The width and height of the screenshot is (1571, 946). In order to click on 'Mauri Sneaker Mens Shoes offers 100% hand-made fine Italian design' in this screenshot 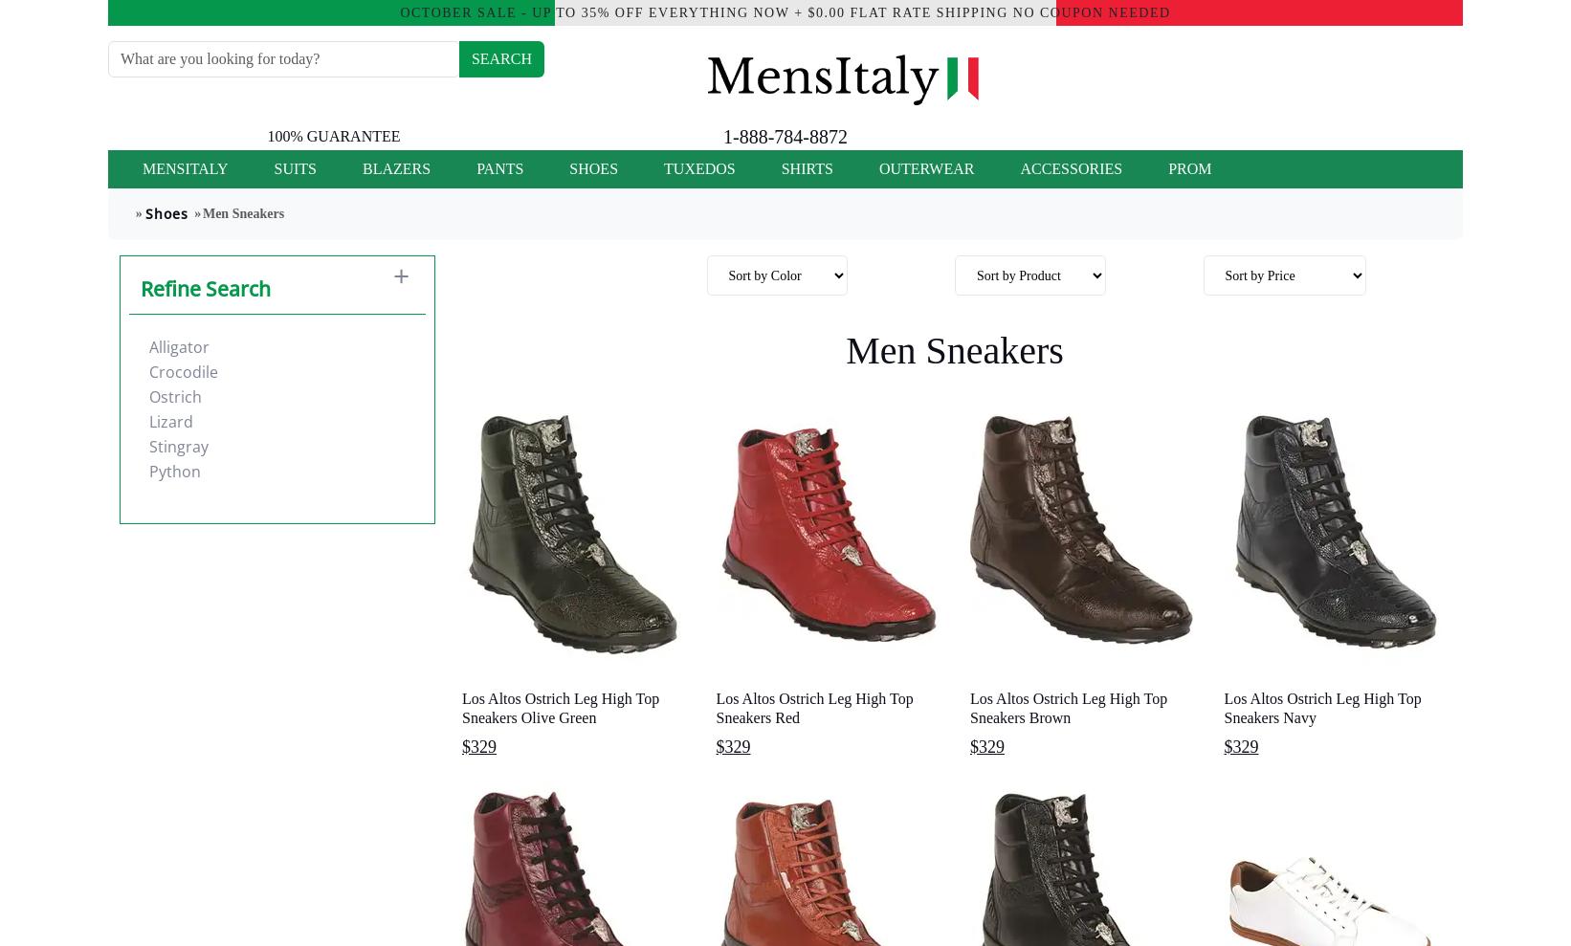, I will do `click(861, 798)`.